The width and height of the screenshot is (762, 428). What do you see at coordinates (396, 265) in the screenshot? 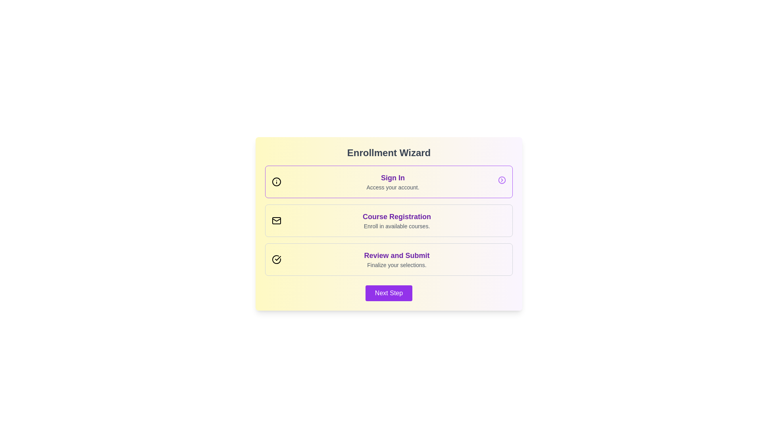
I see `the static text label that reads 'Finalize your selections.' located beneath the 'Review and Submit' title` at bounding box center [396, 265].